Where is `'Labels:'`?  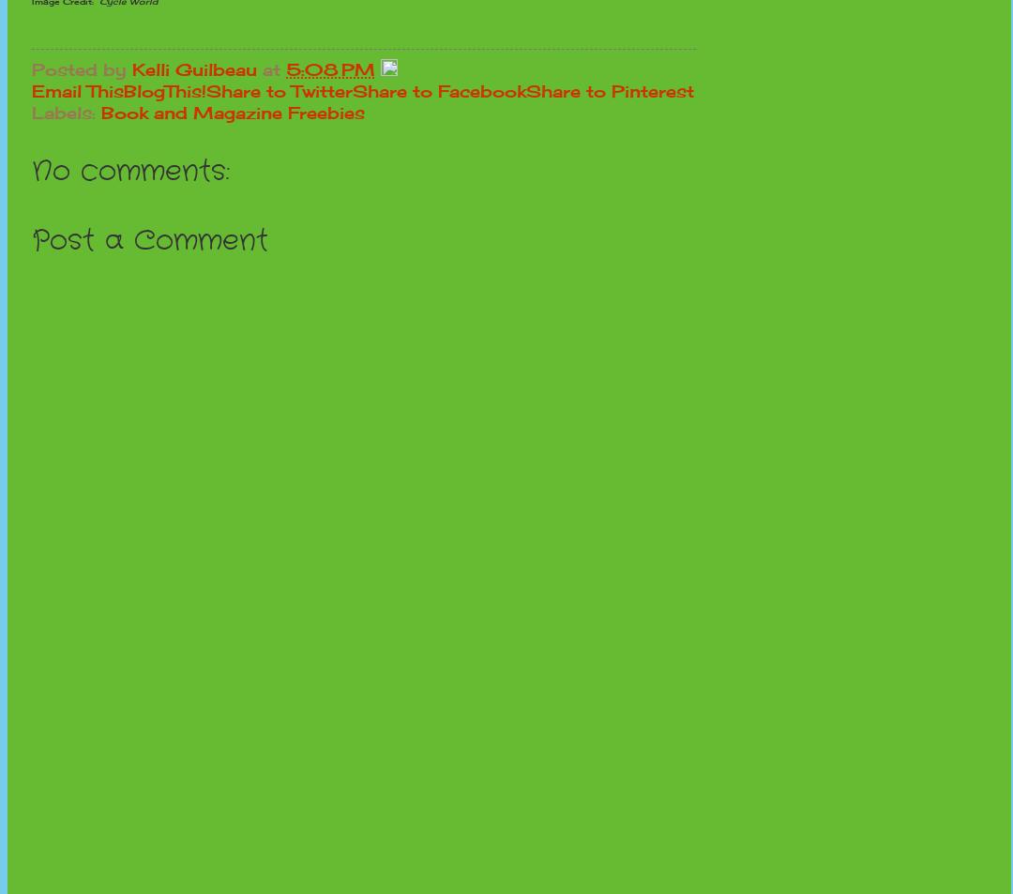 'Labels:' is located at coordinates (32, 111).